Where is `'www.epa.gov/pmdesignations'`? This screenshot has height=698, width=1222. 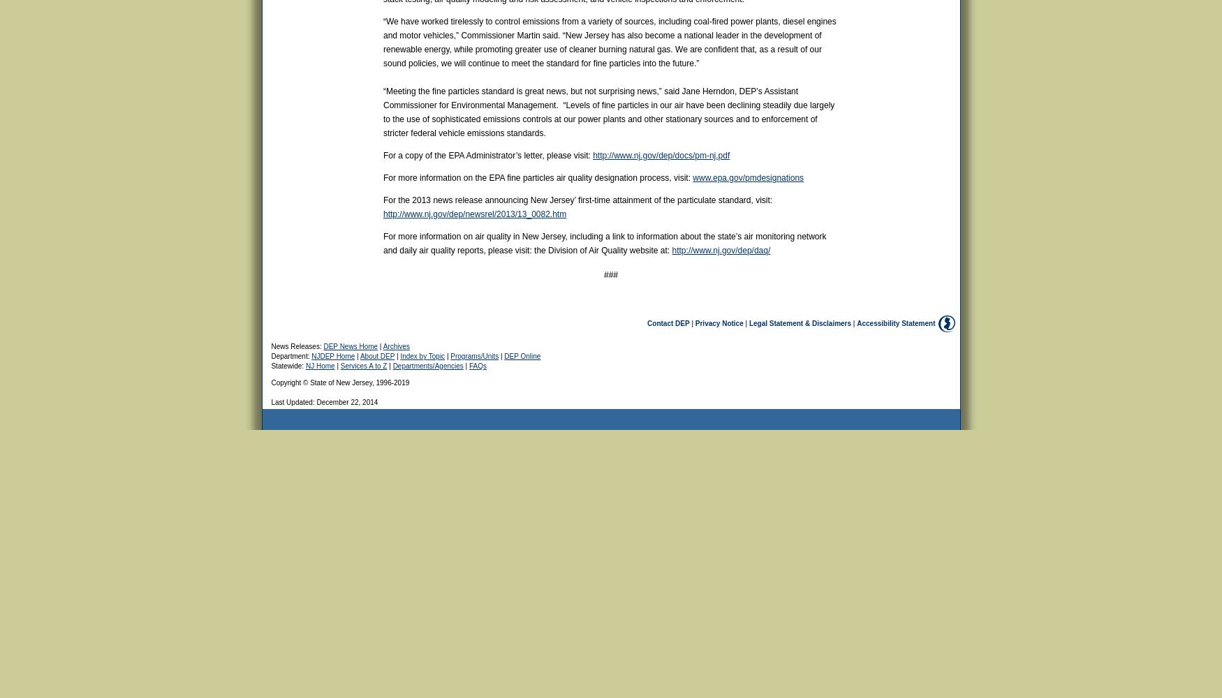
'www.epa.gov/pmdesignations' is located at coordinates (748, 178).